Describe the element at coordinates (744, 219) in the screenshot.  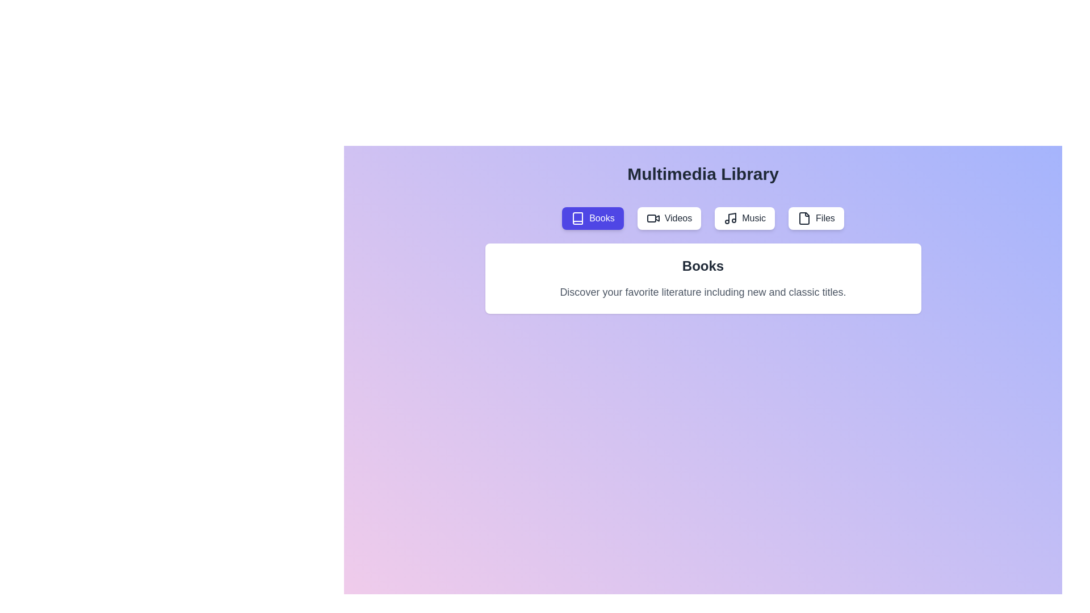
I see `the tab labeled Music to activate it` at that location.